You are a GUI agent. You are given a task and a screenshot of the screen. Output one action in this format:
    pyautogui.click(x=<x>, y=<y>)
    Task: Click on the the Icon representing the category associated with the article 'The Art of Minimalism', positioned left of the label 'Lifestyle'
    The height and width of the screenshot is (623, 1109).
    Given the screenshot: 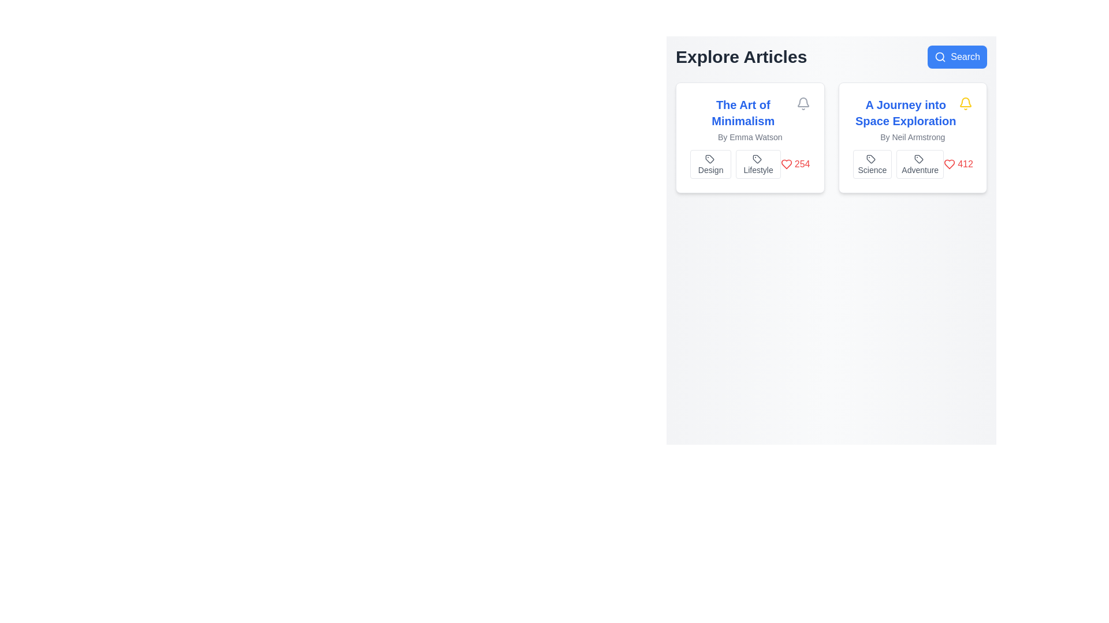 What is the action you would take?
    pyautogui.click(x=757, y=159)
    